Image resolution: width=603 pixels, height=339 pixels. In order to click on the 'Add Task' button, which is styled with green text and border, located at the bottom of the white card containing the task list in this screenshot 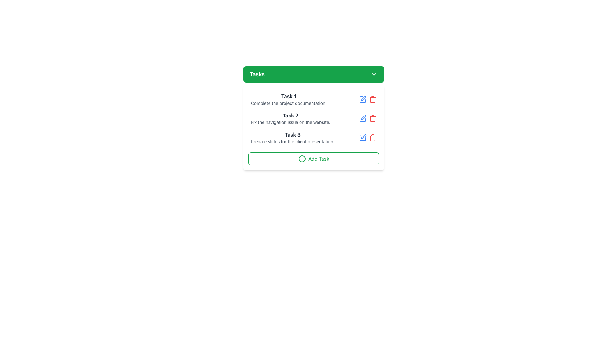, I will do `click(313, 158)`.